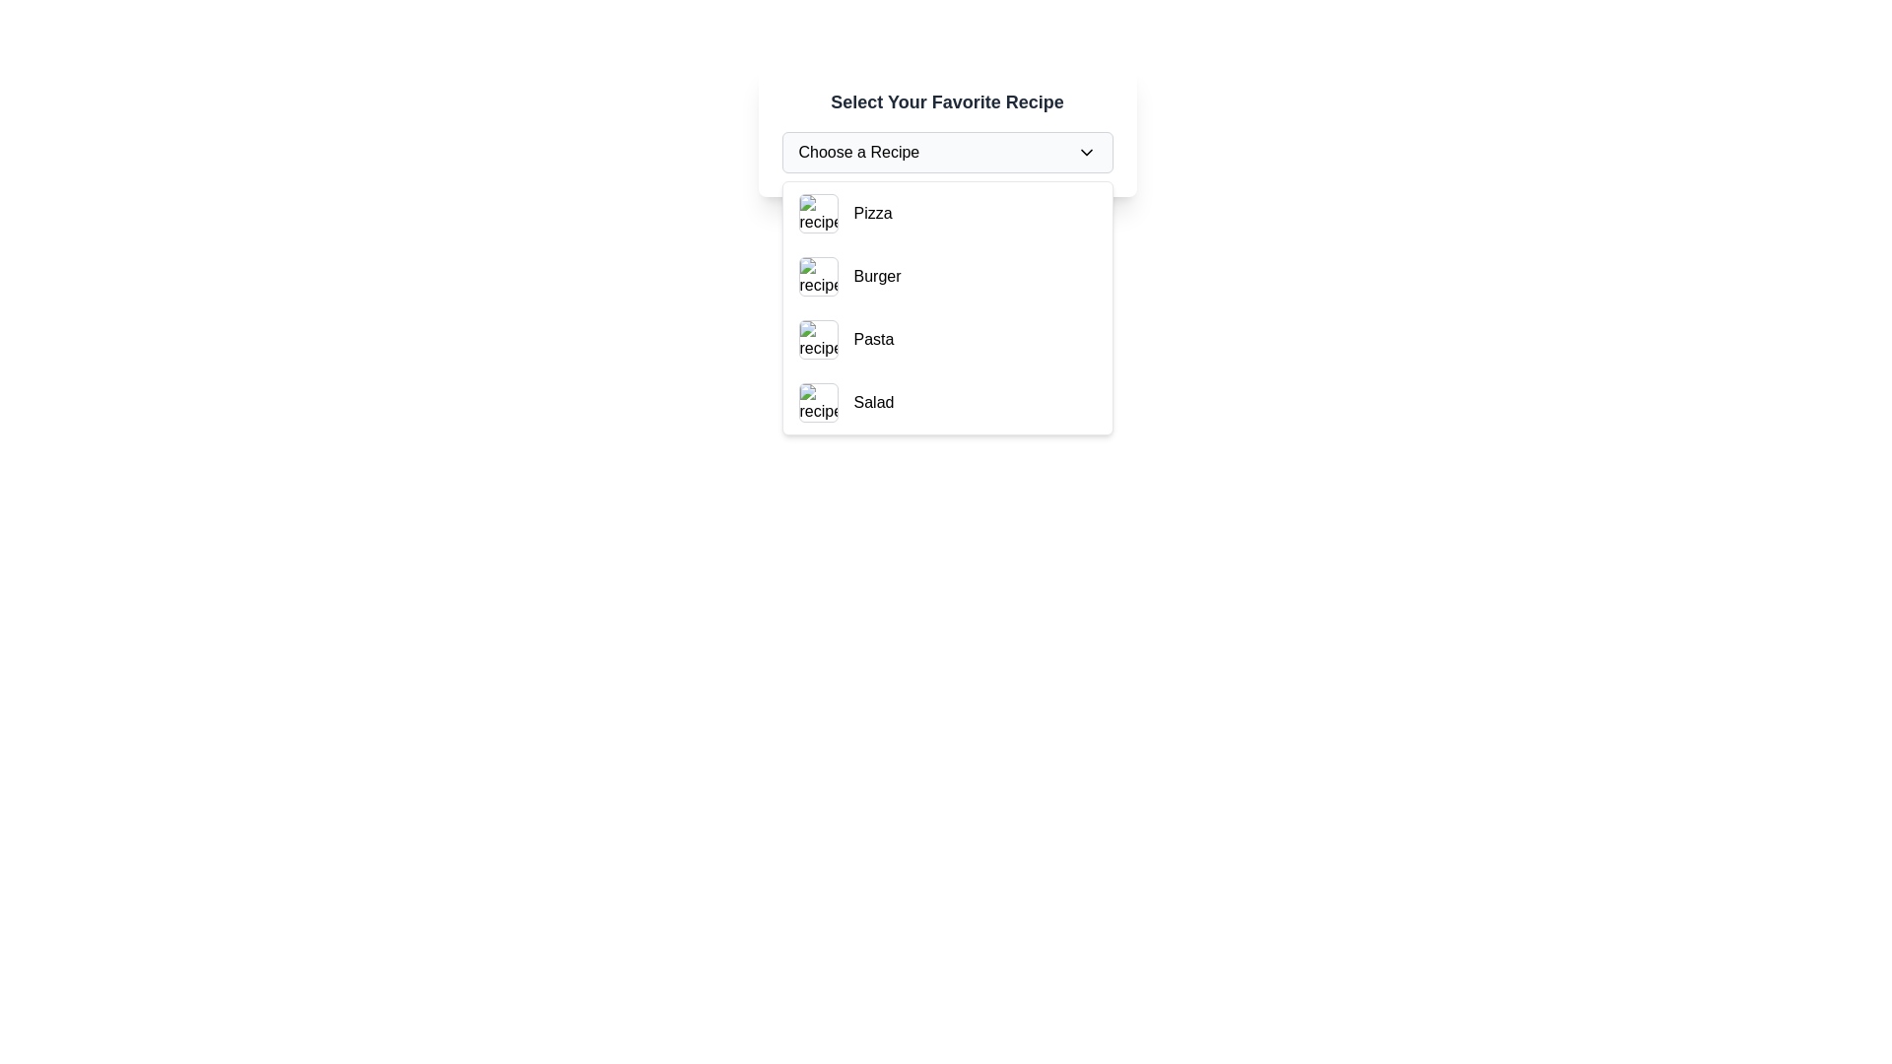 This screenshot has height=1064, width=1892. What do you see at coordinates (947, 102) in the screenshot?
I see `bold header text 'Select Your Favorite Recipe', which is prominently positioned at the top of the section` at bounding box center [947, 102].